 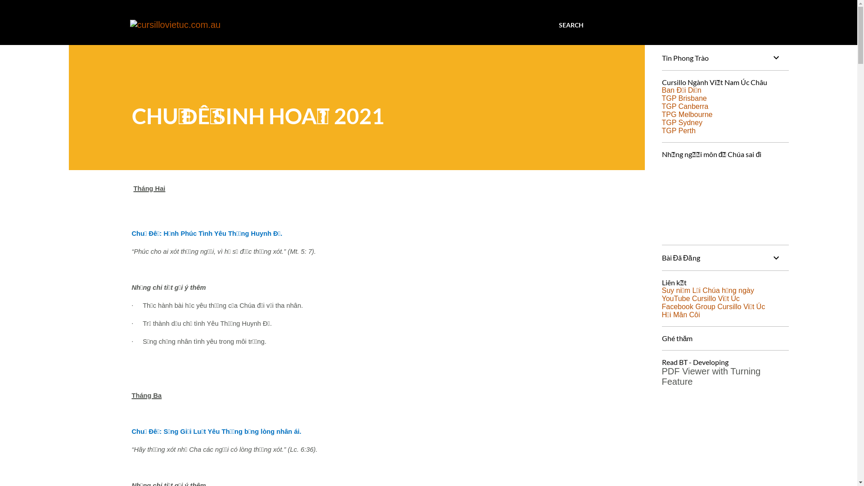 I want to click on 'TGP Sydney', so click(x=661, y=122).